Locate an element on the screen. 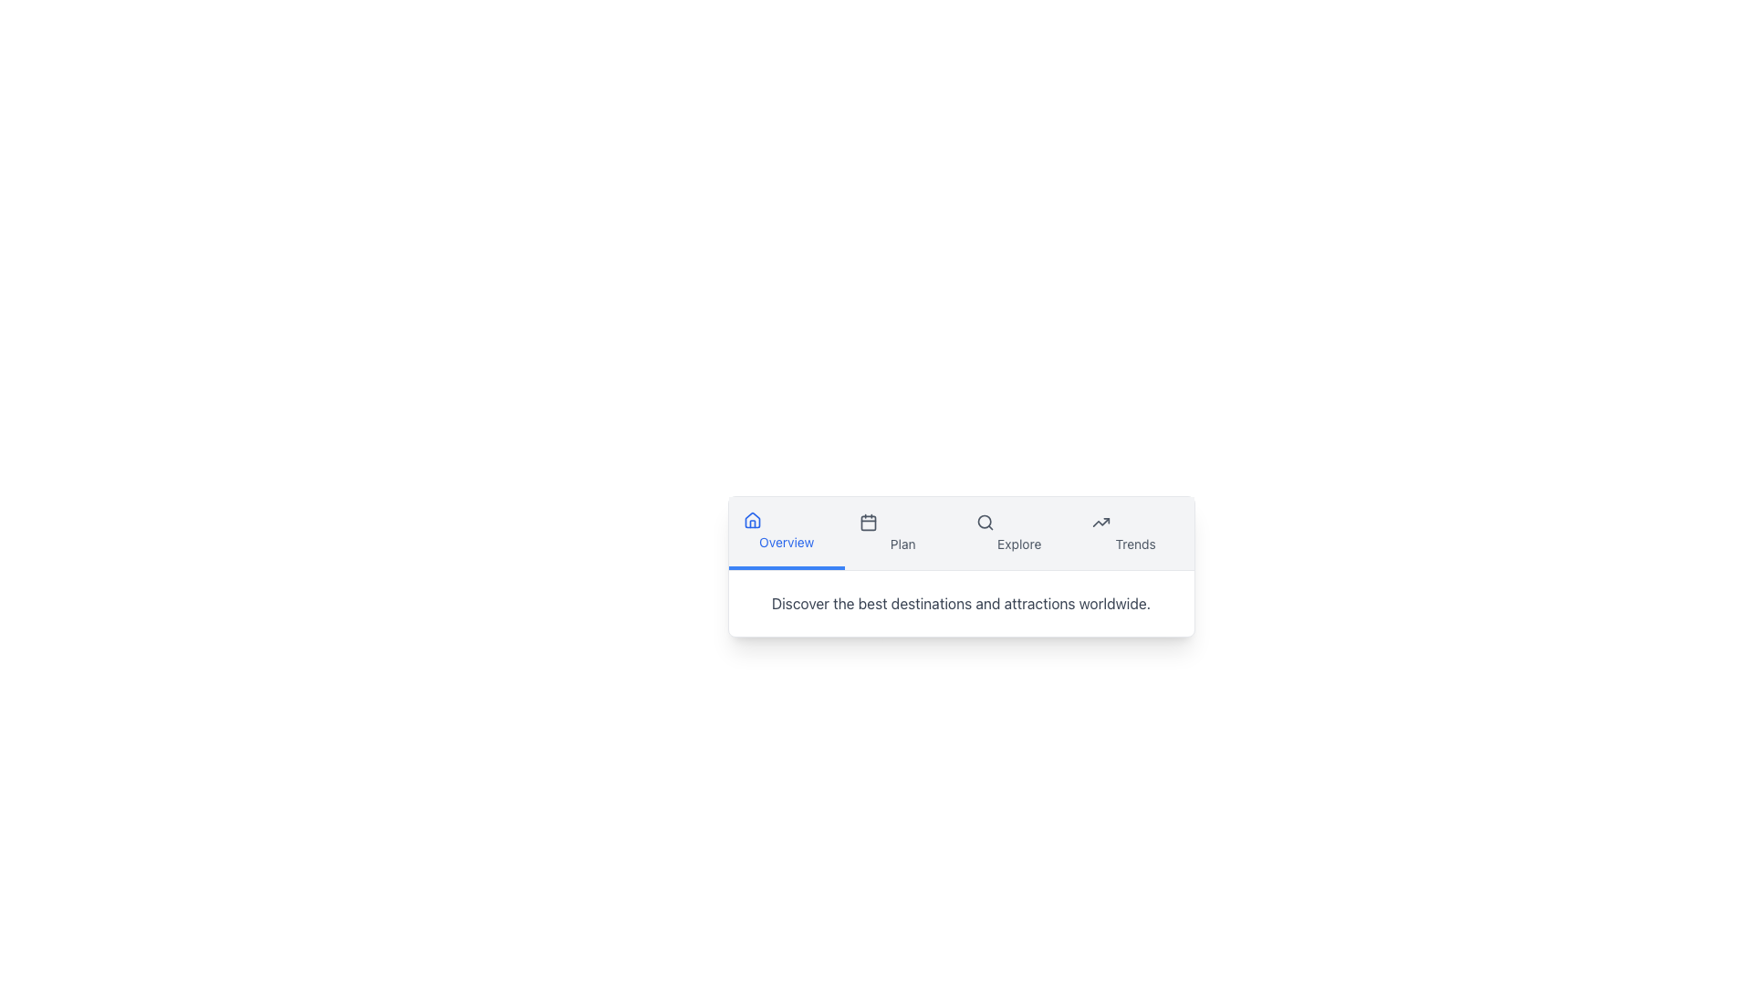 Image resolution: width=1752 pixels, height=985 pixels. the segmented navigation item labeled 'Explore' with a magnifying glass icon is located at coordinates (1018, 534).